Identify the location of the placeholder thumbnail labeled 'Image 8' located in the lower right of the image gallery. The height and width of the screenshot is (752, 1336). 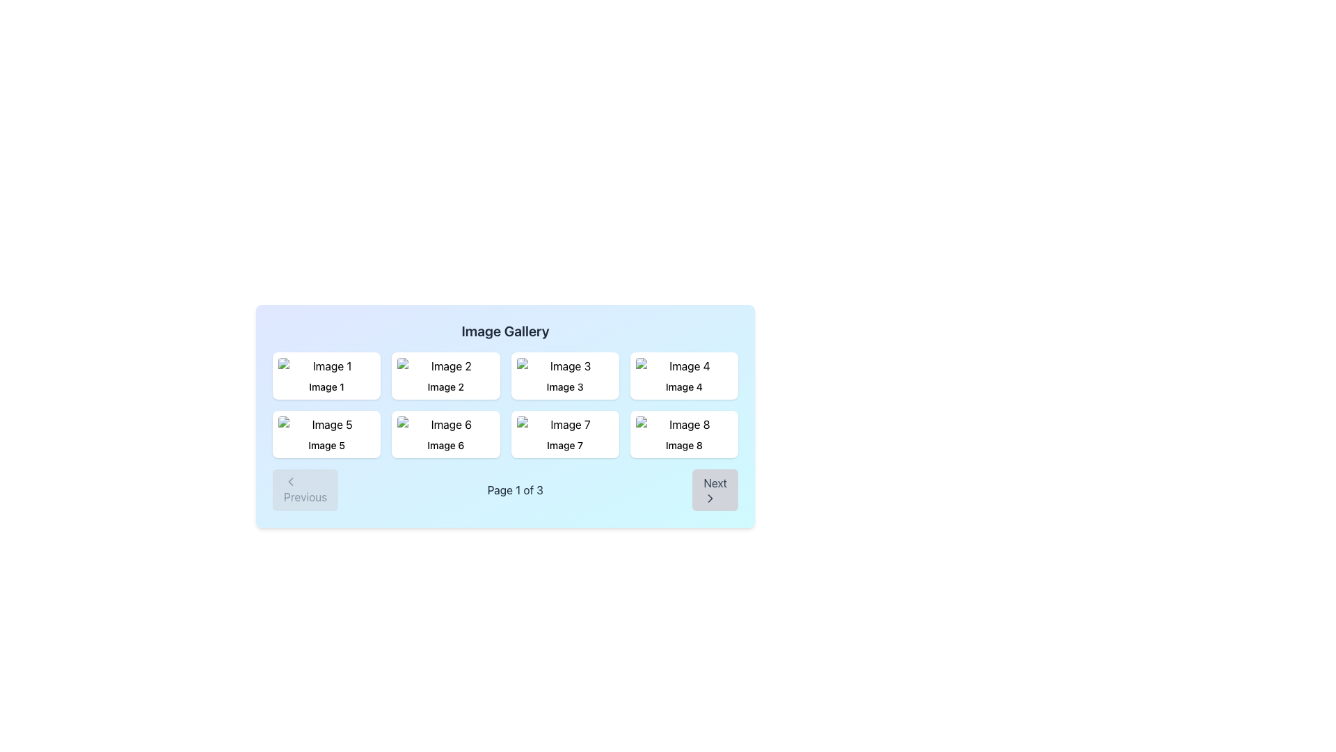
(684, 423).